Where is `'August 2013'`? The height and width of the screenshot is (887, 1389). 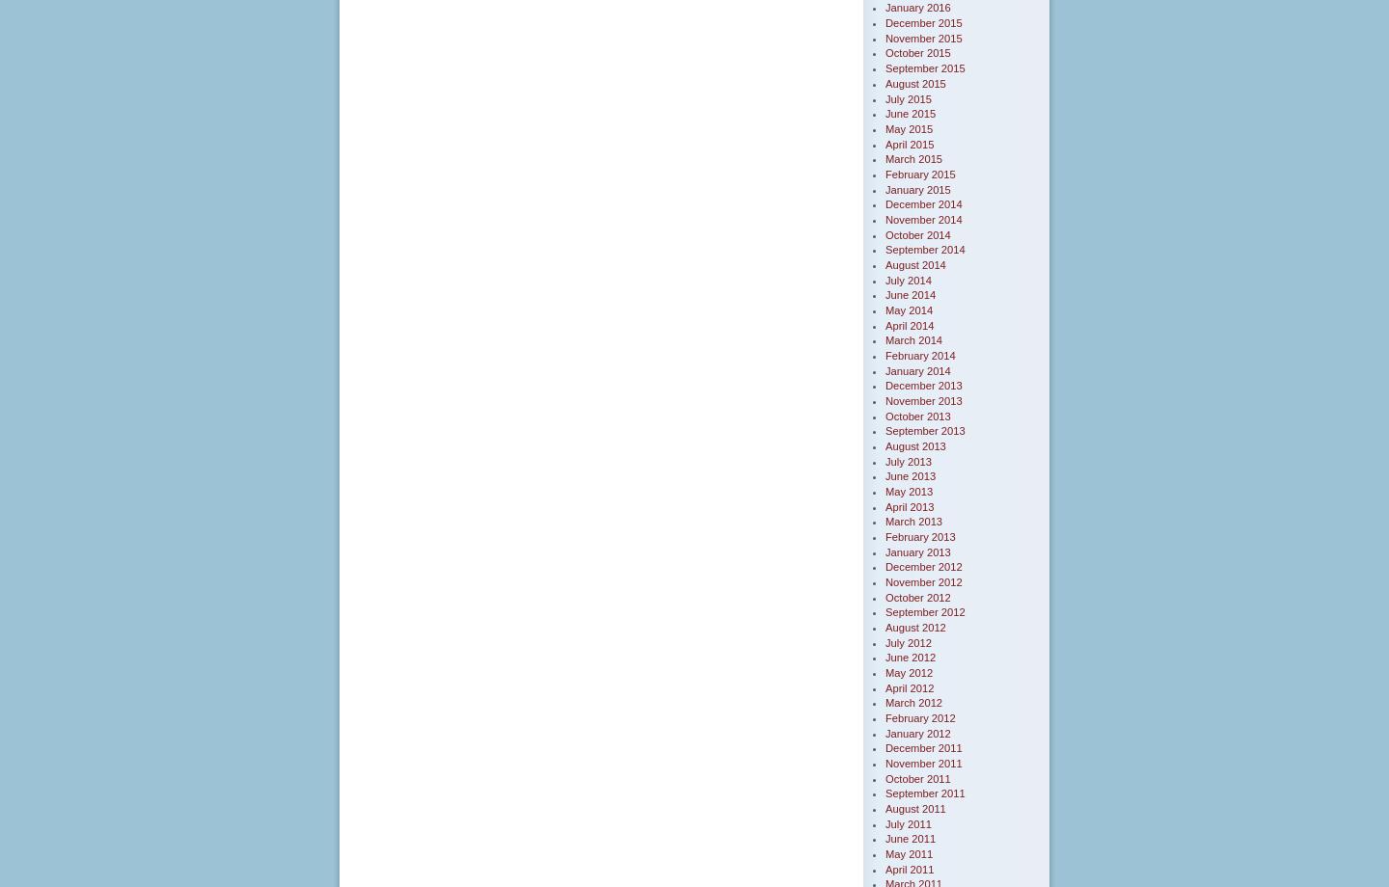 'August 2013' is located at coordinates (914, 445).